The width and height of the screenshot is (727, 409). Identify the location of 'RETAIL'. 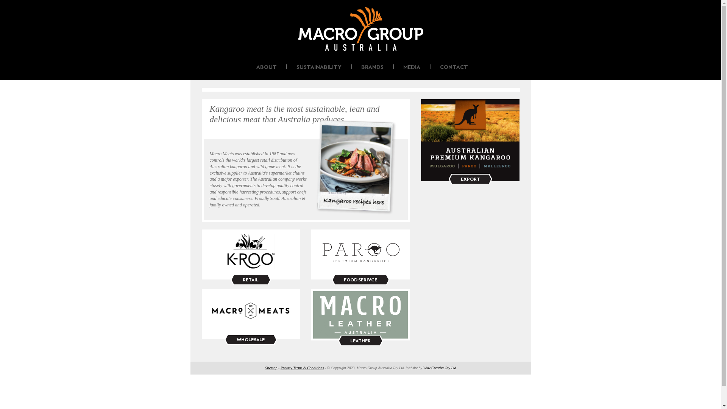
(251, 280).